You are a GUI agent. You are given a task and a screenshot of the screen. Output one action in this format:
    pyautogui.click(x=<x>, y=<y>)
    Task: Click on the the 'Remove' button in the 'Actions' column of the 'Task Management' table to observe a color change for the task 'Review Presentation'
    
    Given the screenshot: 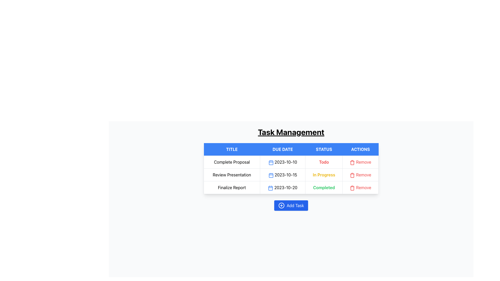 What is the action you would take?
    pyautogui.click(x=360, y=175)
    